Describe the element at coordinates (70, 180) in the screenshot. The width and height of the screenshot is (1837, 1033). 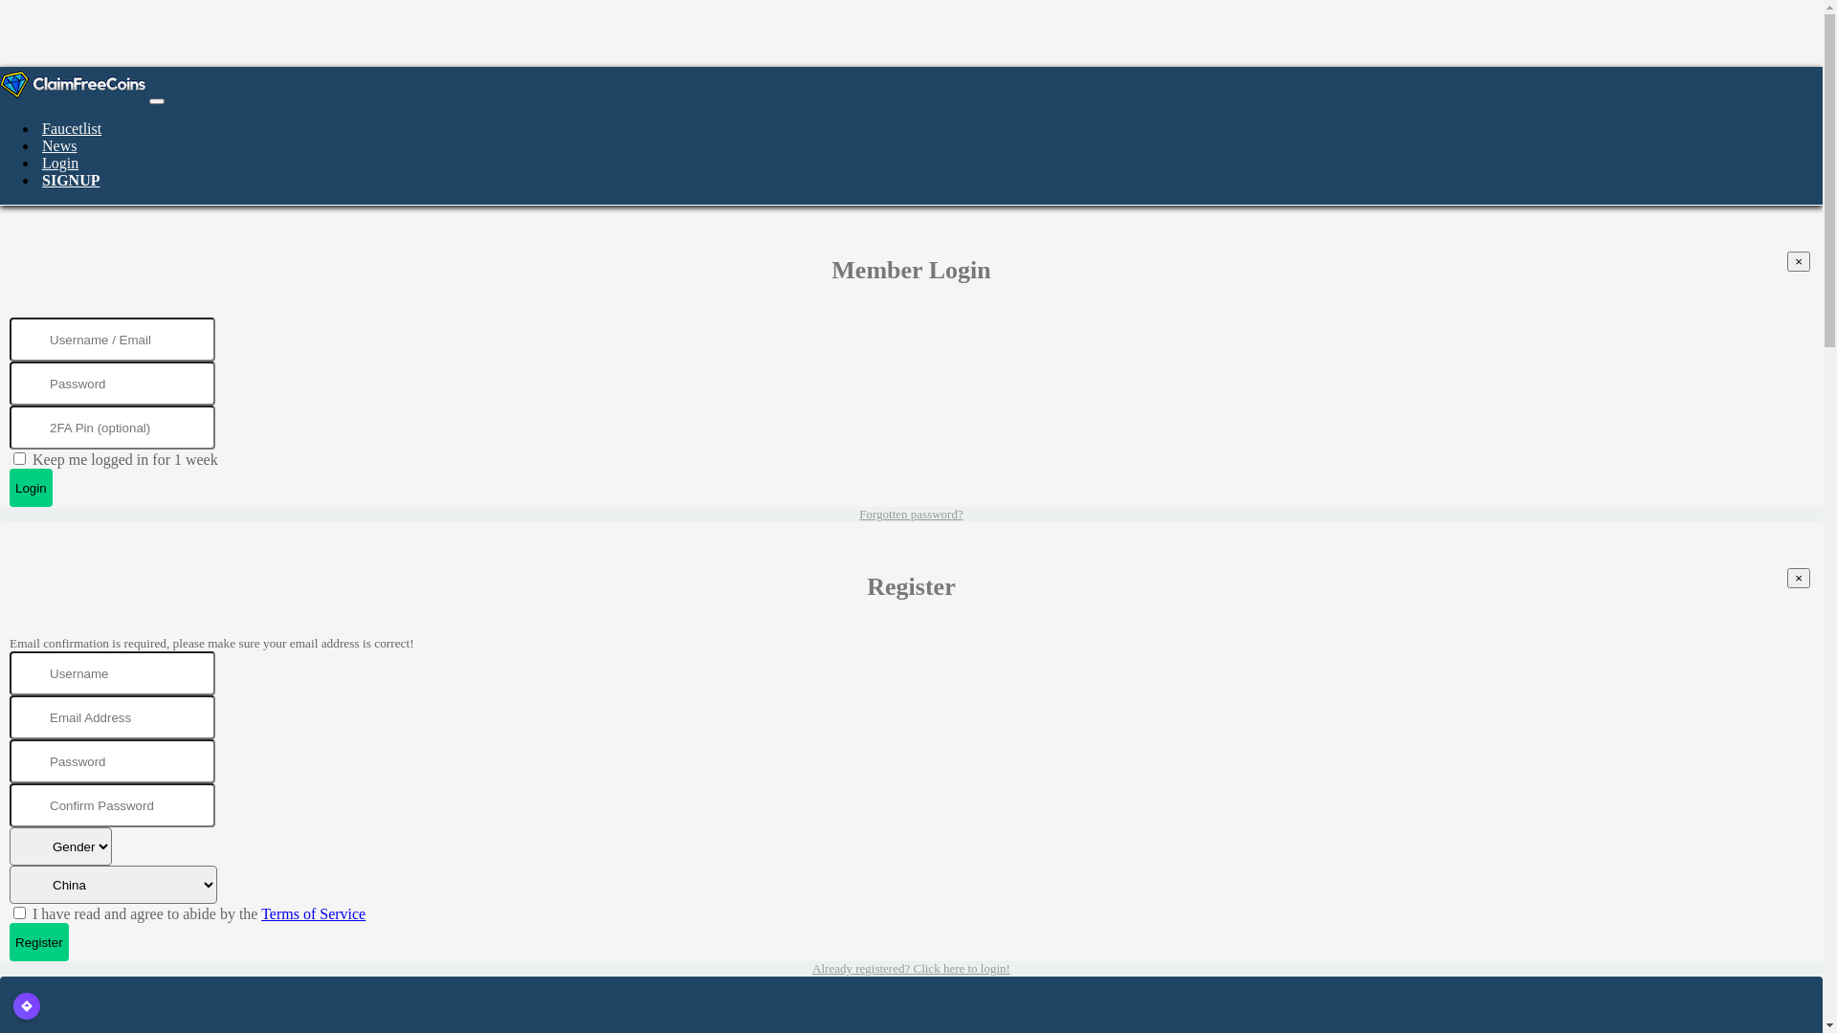
I see `'SIGNUP'` at that location.